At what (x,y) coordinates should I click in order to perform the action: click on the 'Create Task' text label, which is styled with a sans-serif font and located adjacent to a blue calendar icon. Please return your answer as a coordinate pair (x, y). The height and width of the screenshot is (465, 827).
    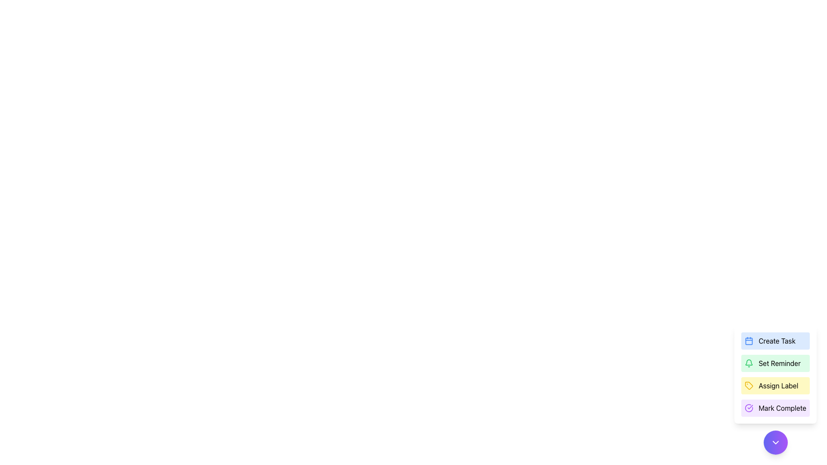
    Looking at the image, I should click on (777, 340).